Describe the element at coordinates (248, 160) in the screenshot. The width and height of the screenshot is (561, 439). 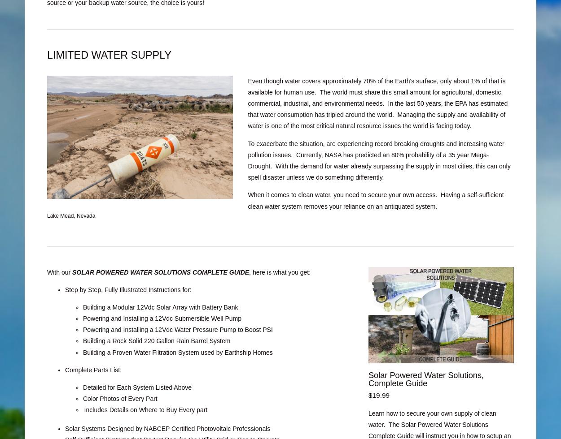
I see `'record breaking droughts and increasing water pollution issues.  Currently, NASA has predicted an 80% probability of a 35 year Mega-Drought.  With the demand for water already surpassing the supply in most cities, this can only spell disaster unless we do something differently.'` at that location.